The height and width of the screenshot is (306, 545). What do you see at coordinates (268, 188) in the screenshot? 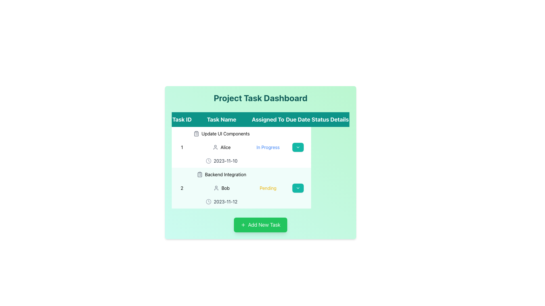
I see `the 'Pending' status indicator in the second row of the task dashboard for 'Backend Integration', located in the 'Status' column` at bounding box center [268, 188].